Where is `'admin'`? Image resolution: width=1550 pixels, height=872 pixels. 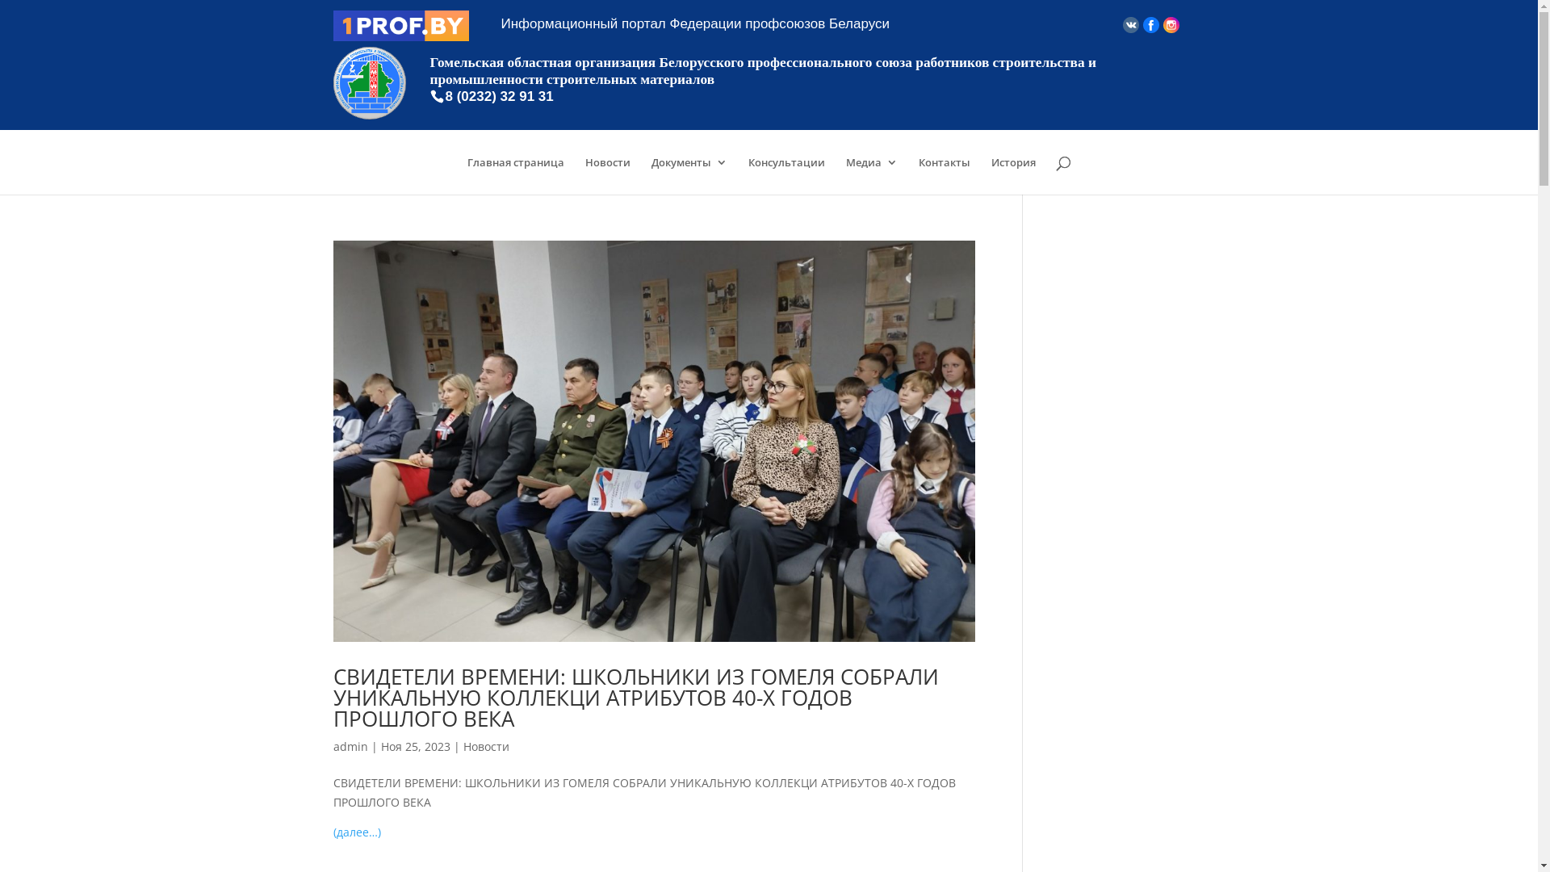 'admin' is located at coordinates (349, 746).